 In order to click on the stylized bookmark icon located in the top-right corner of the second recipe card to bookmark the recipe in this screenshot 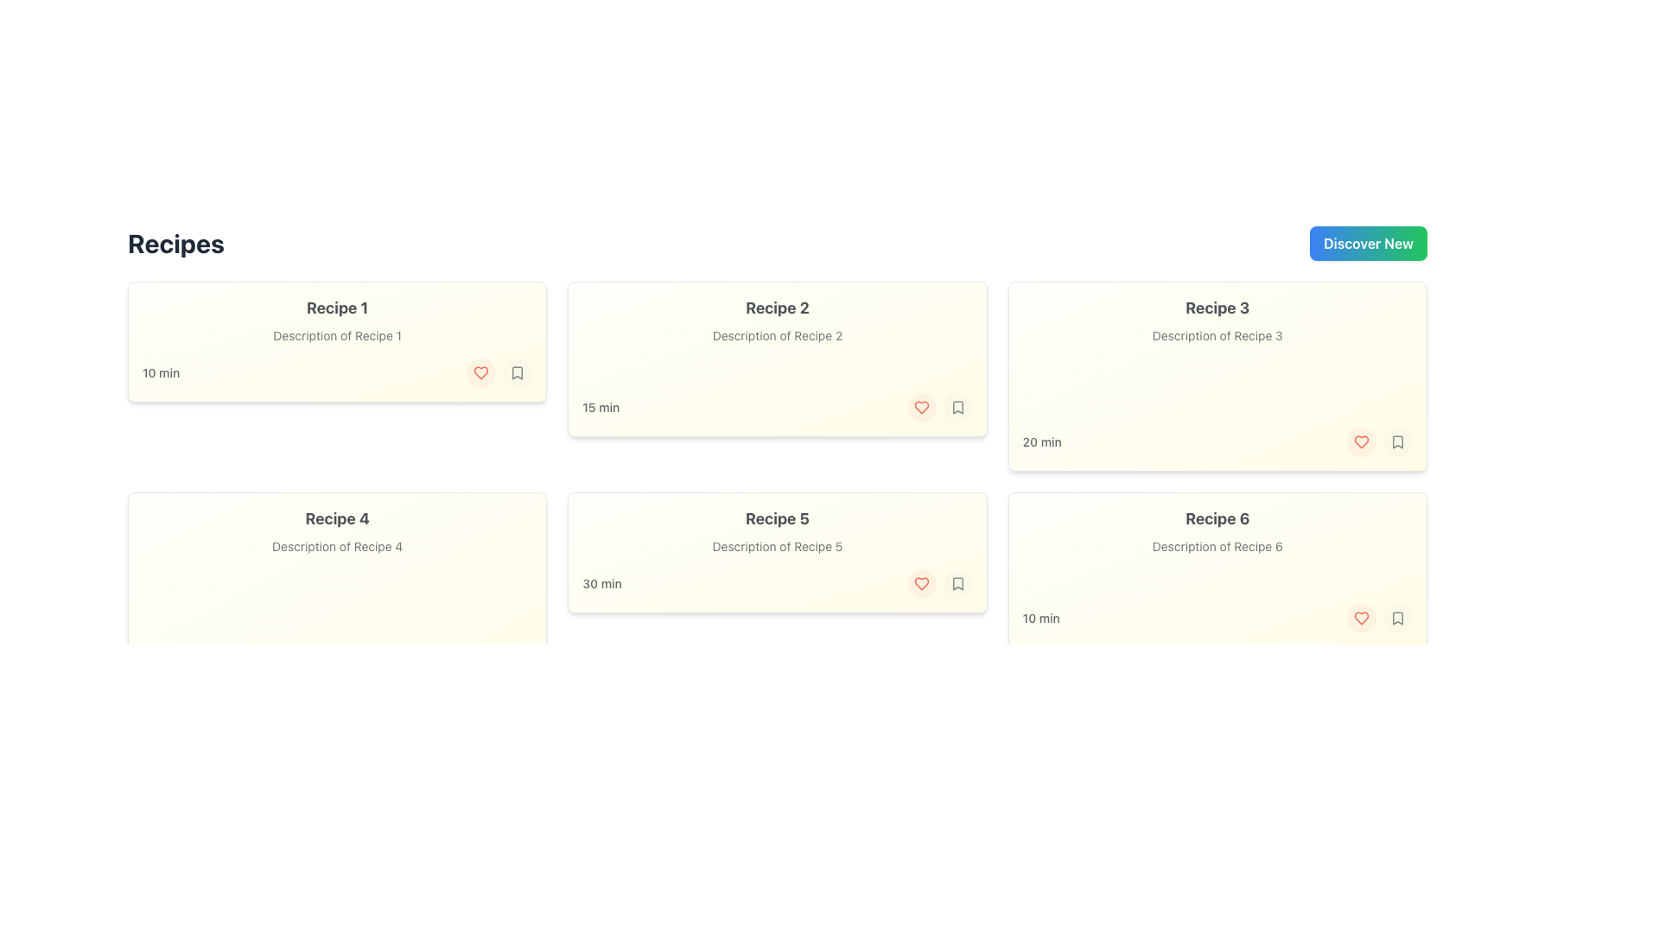, I will do `click(957, 407)`.